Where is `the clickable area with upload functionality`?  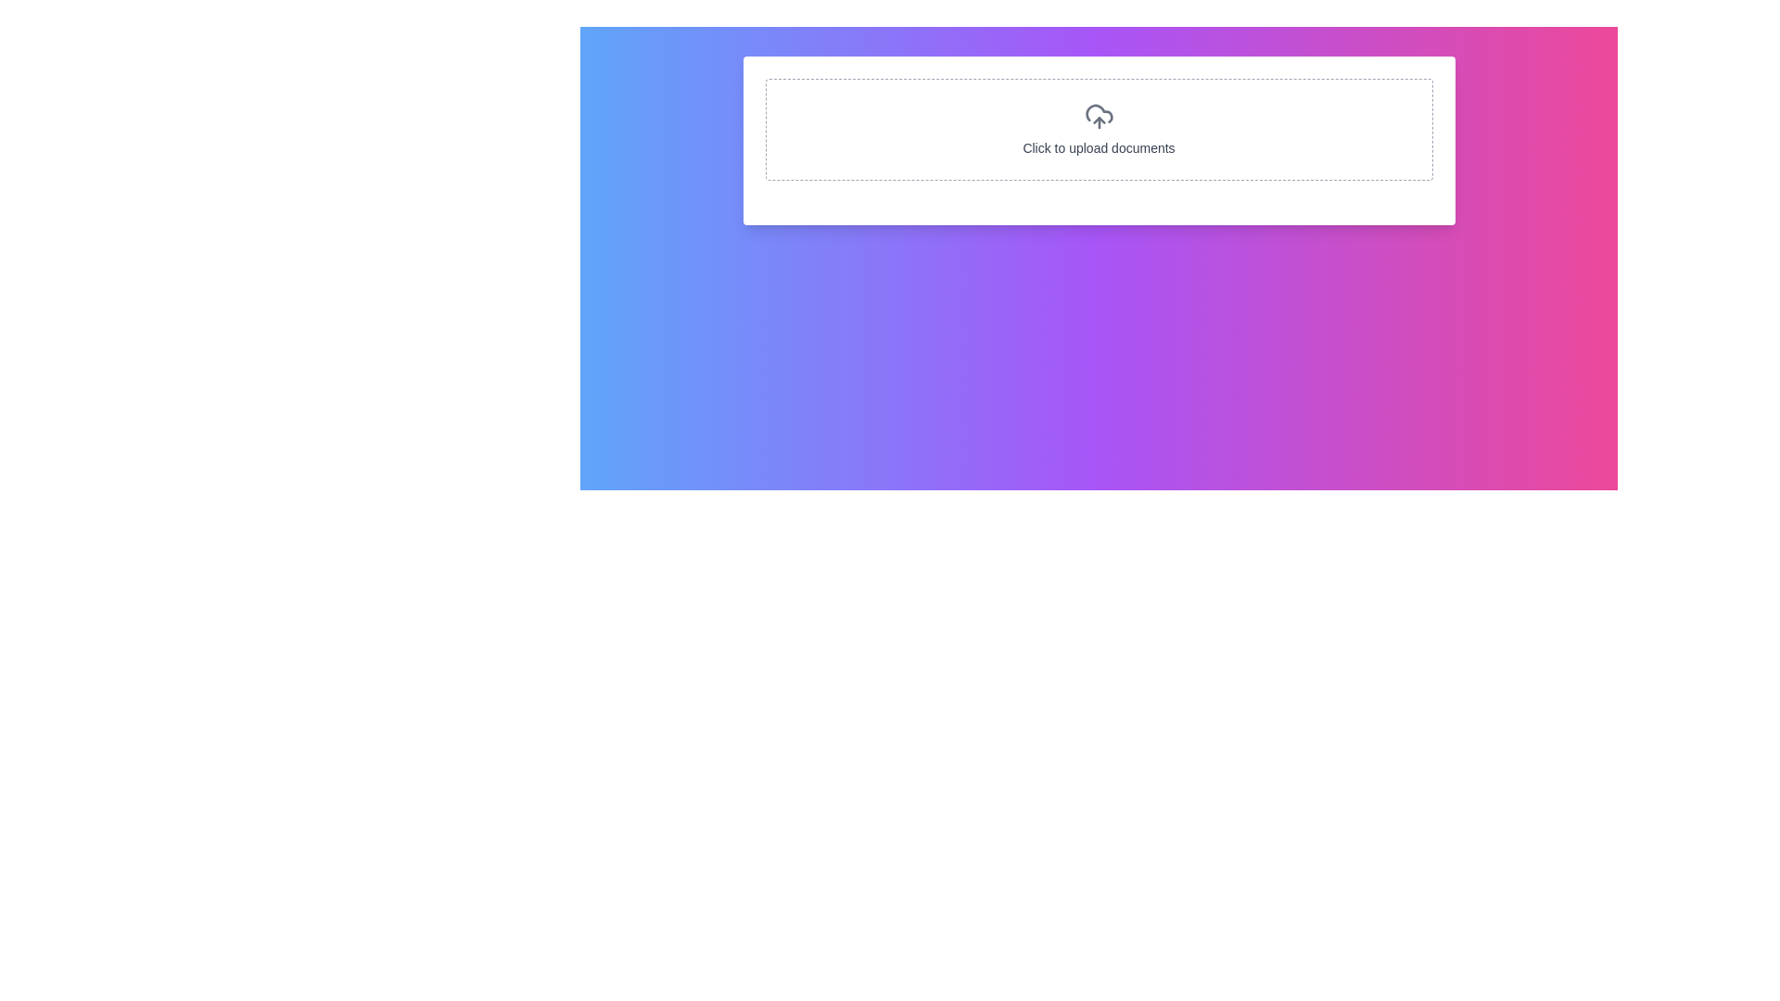 the clickable area with upload functionality is located at coordinates (1099, 128).